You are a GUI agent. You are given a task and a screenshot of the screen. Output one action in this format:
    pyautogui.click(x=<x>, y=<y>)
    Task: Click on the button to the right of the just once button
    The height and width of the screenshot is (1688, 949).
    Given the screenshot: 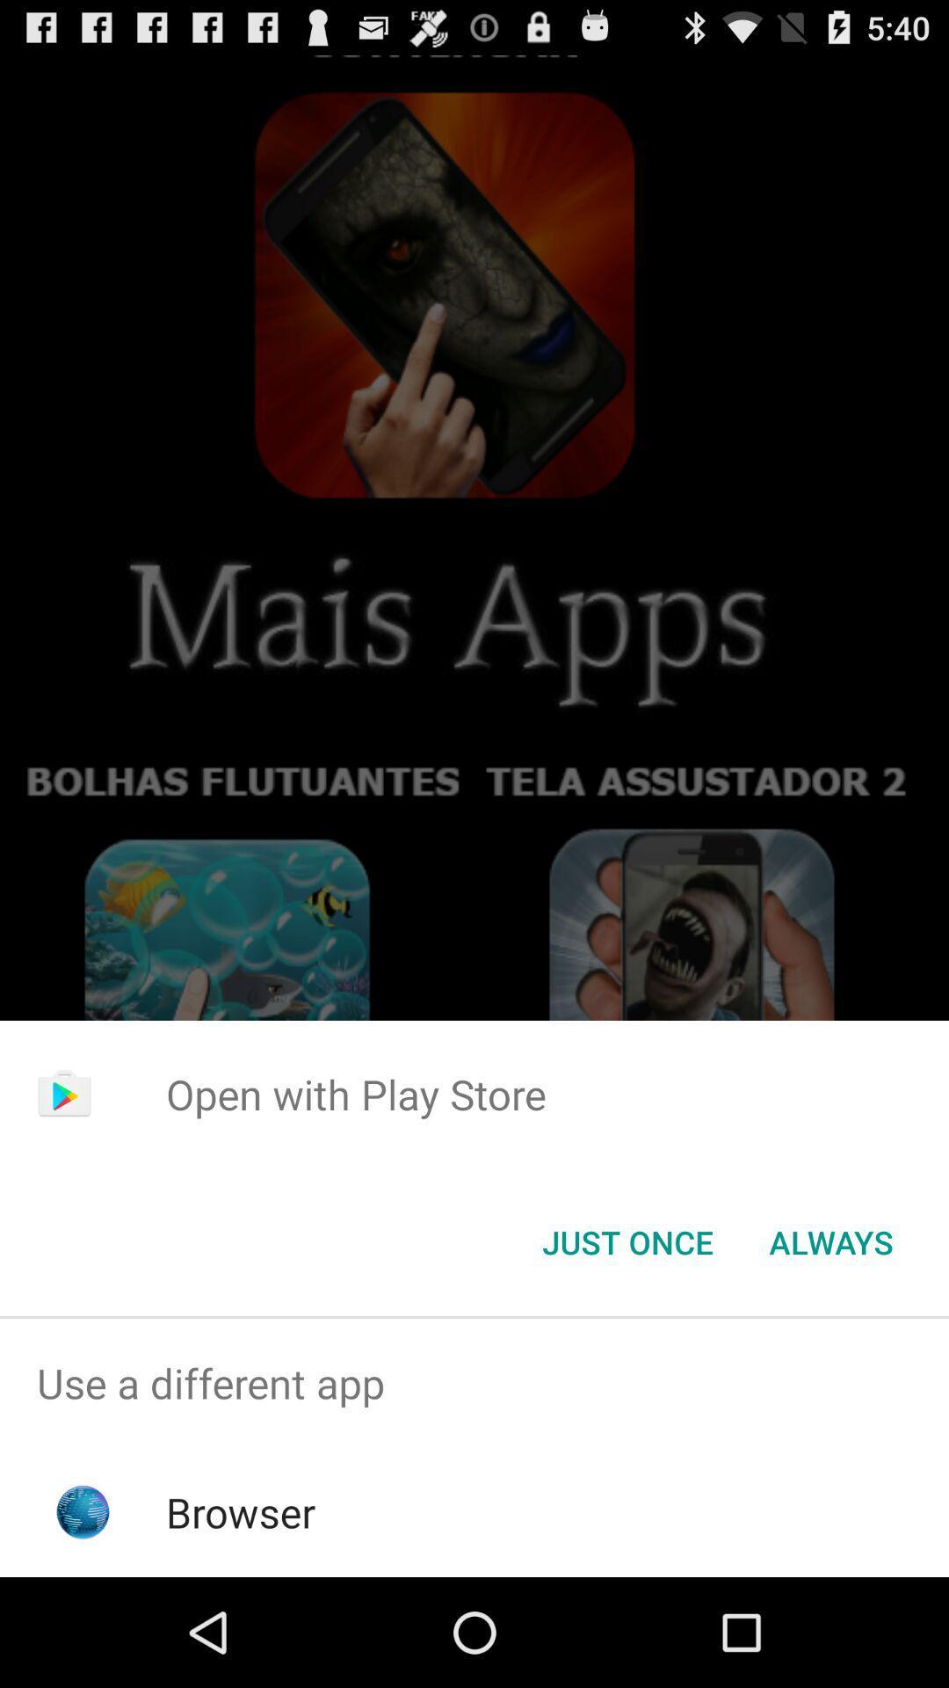 What is the action you would take?
    pyautogui.click(x=830, y=1241)
    